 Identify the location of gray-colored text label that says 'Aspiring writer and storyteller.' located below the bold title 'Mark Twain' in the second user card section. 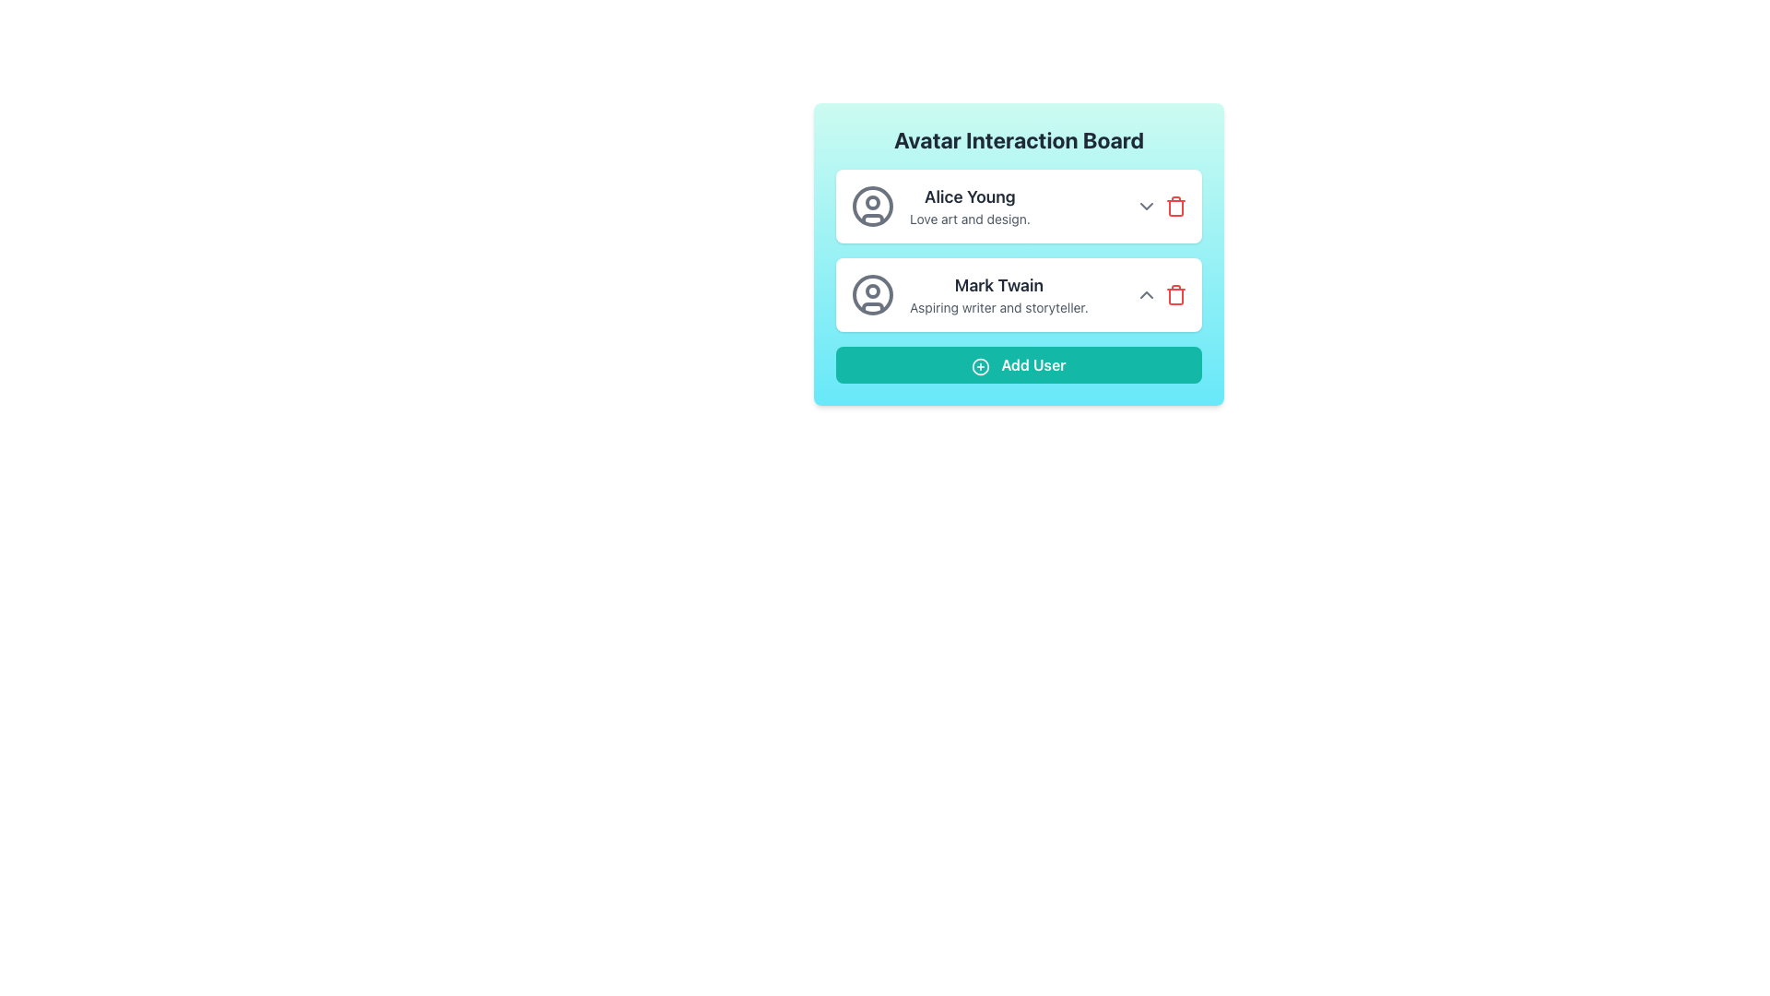
(997, 307).